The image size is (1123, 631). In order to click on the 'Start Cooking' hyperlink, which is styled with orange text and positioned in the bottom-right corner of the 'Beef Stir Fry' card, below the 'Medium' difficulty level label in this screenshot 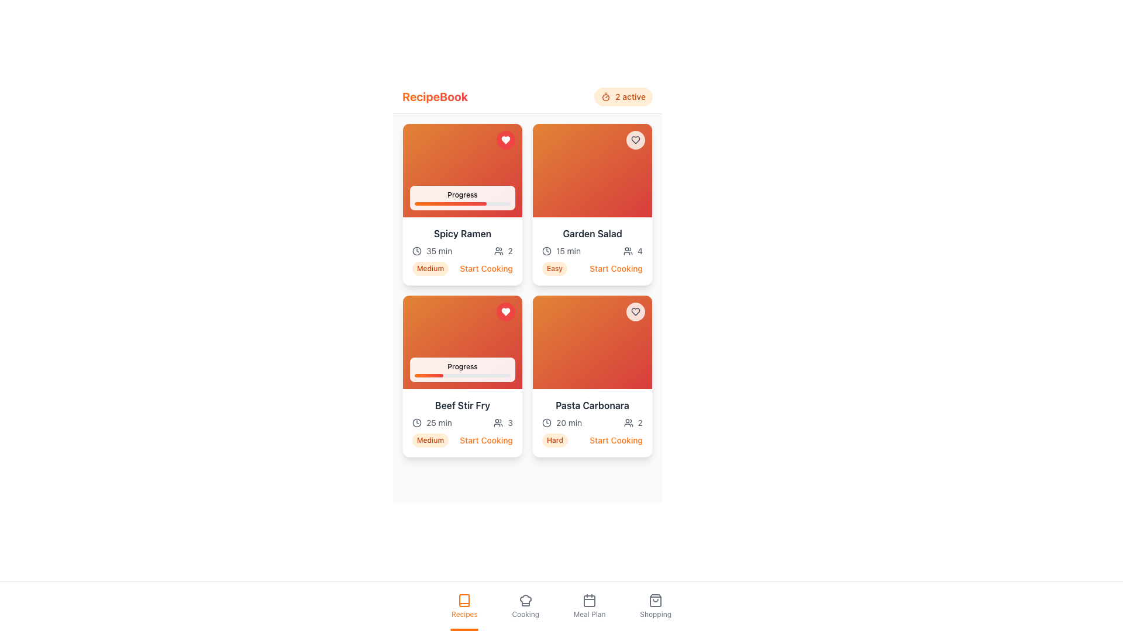, I will do `click(486, 440)`.